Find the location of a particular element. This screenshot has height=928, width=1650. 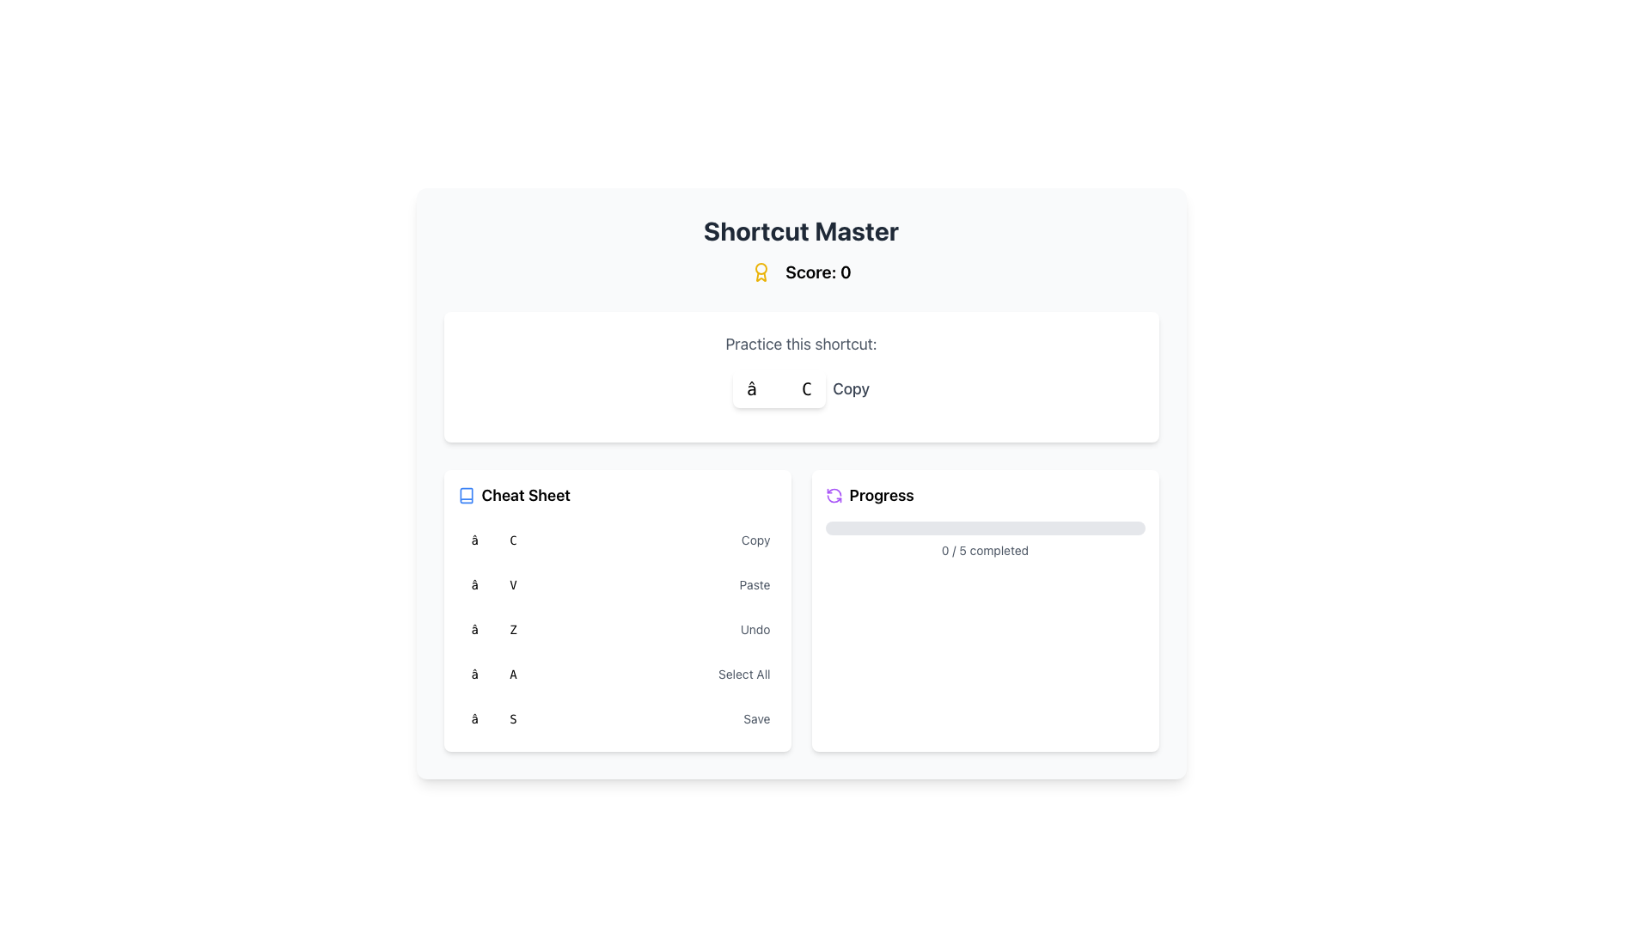

the text label indicating the operation associated with a keyboard shortcut, located in the bottom-left quadrant of the interface within the 'Cheat Sheet' section is located at coordinates (755, 584).